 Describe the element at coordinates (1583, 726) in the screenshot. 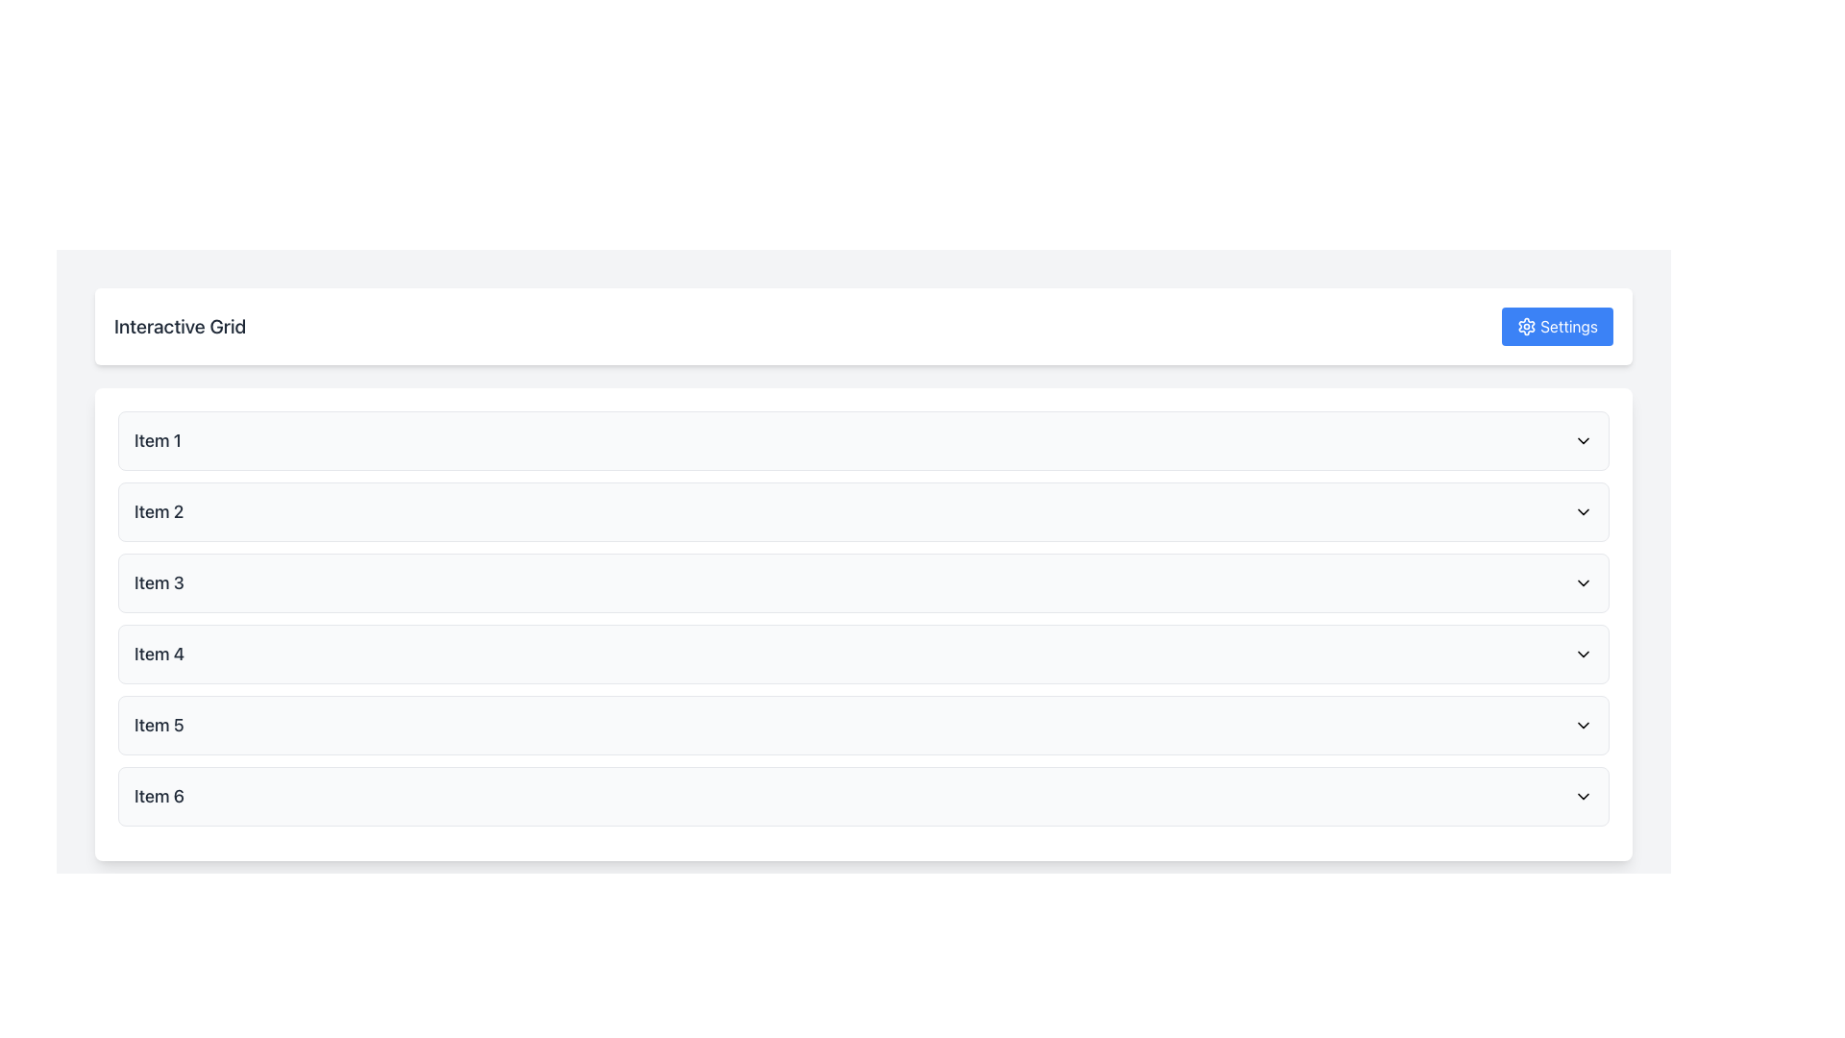

I see `the chevron-down icon located at the far right of the row labeled 'Item 5'` at that location.